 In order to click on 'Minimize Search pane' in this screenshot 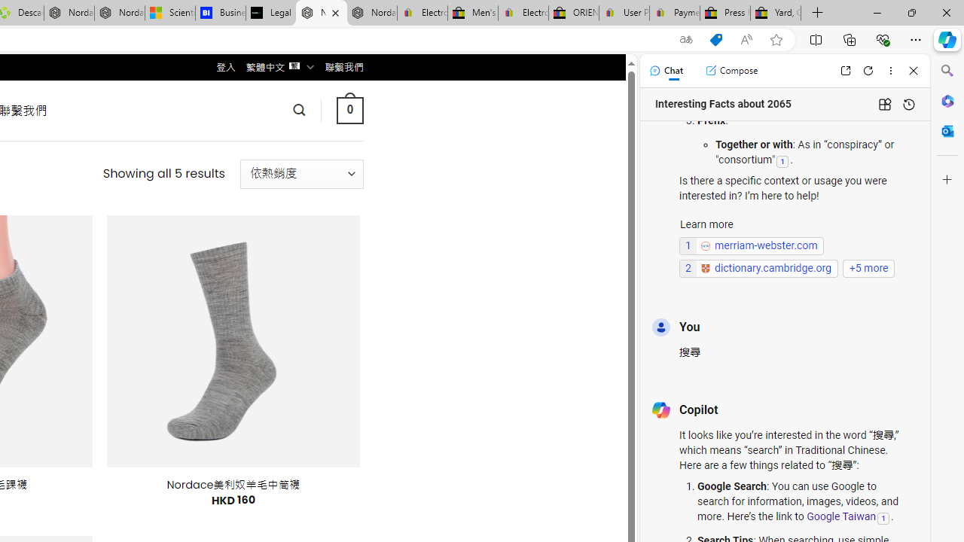, I will do `click(947, 71)`.